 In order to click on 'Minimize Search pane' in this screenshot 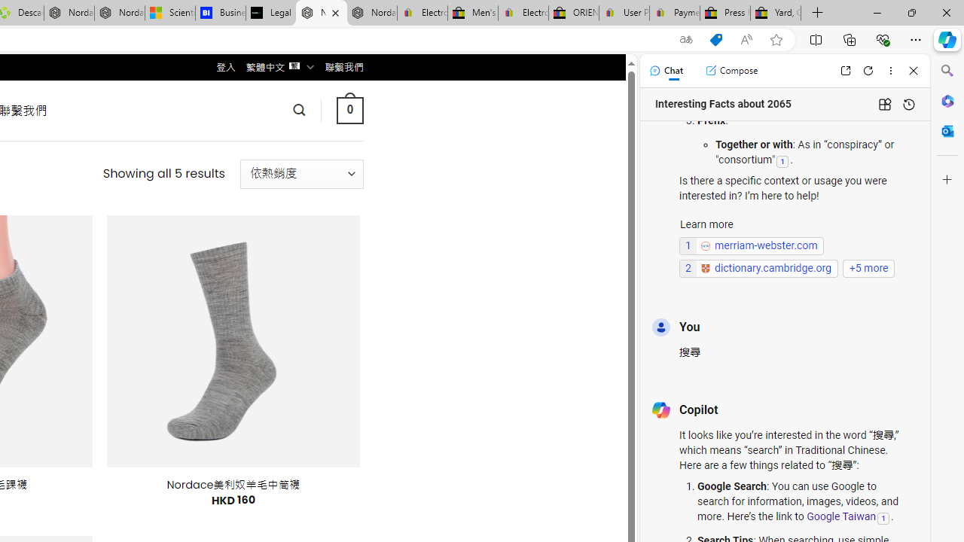, I will do `click(947, 71)`.